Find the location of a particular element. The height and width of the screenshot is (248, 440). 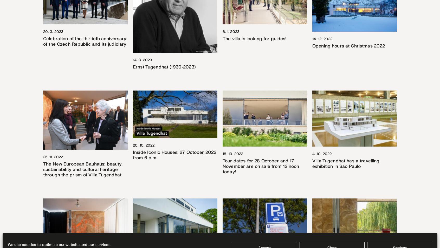

'Inside Iconic Houses: 27 October 2022 from 6 p.m.' is located at coordinates (133, 155).